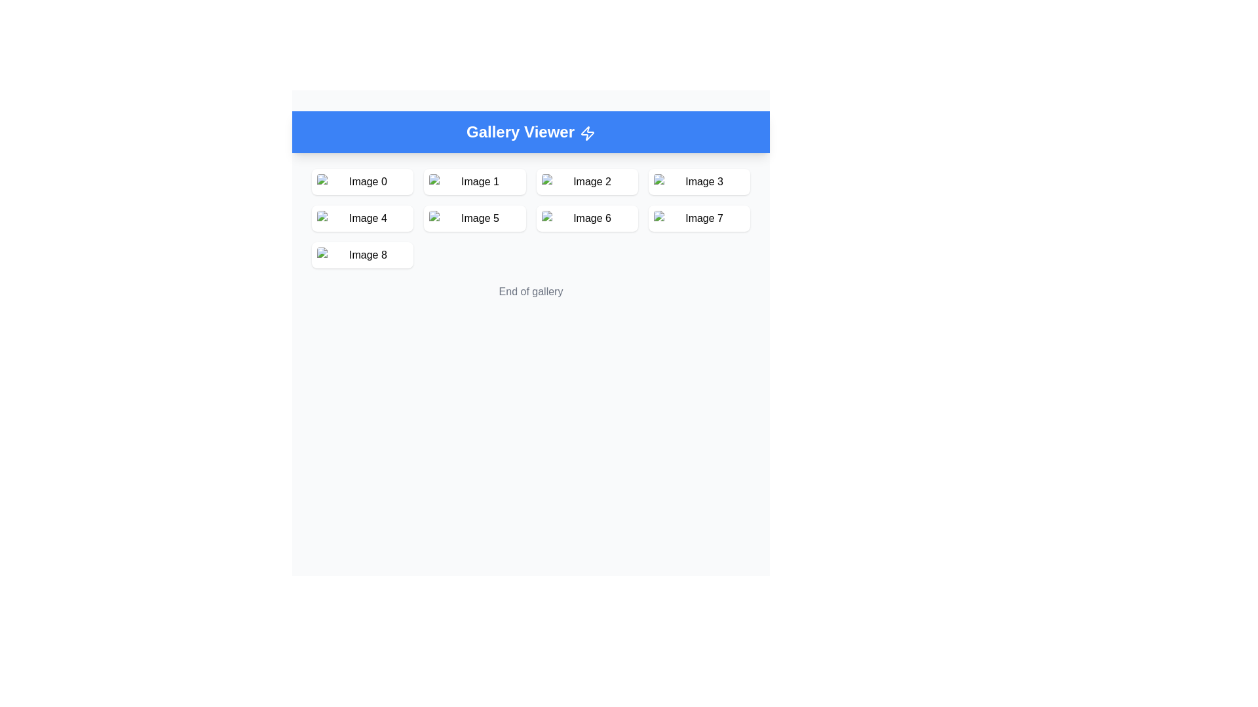 This screenshot has width=1258, height=707. I want to click on the image placeholder labeled 'Image 6' located in the sixth slot of the gallery grid in the second row and third column, so click(586, 218).